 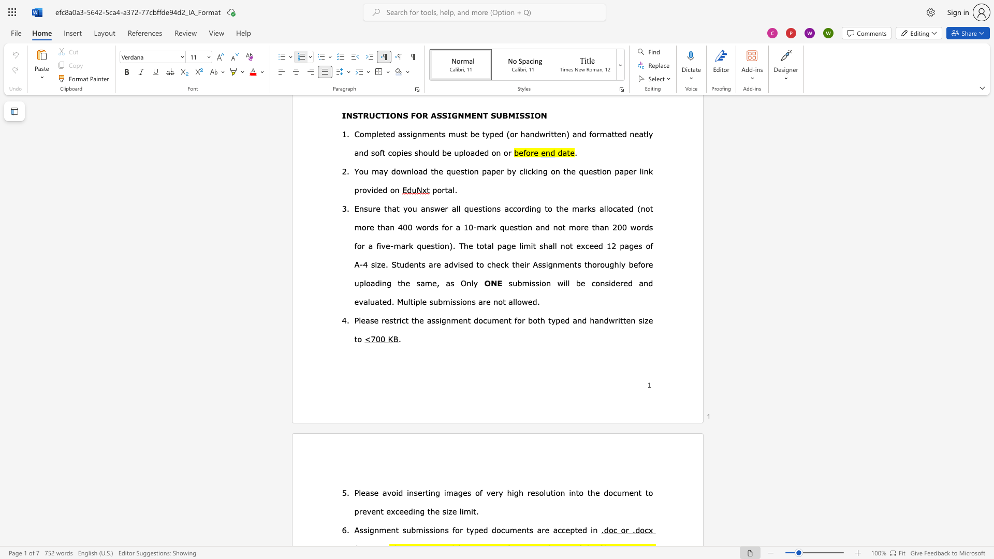 I want to click on the 1th character "." in the text, so click(x=603, y=529).